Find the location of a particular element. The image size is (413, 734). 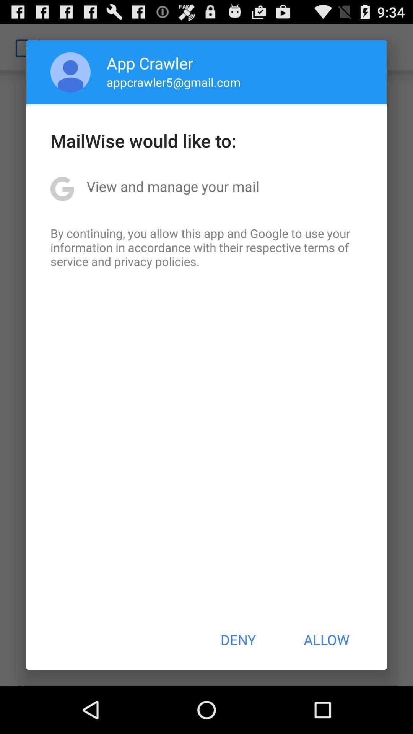

deny is located at coordinates (237, 640).